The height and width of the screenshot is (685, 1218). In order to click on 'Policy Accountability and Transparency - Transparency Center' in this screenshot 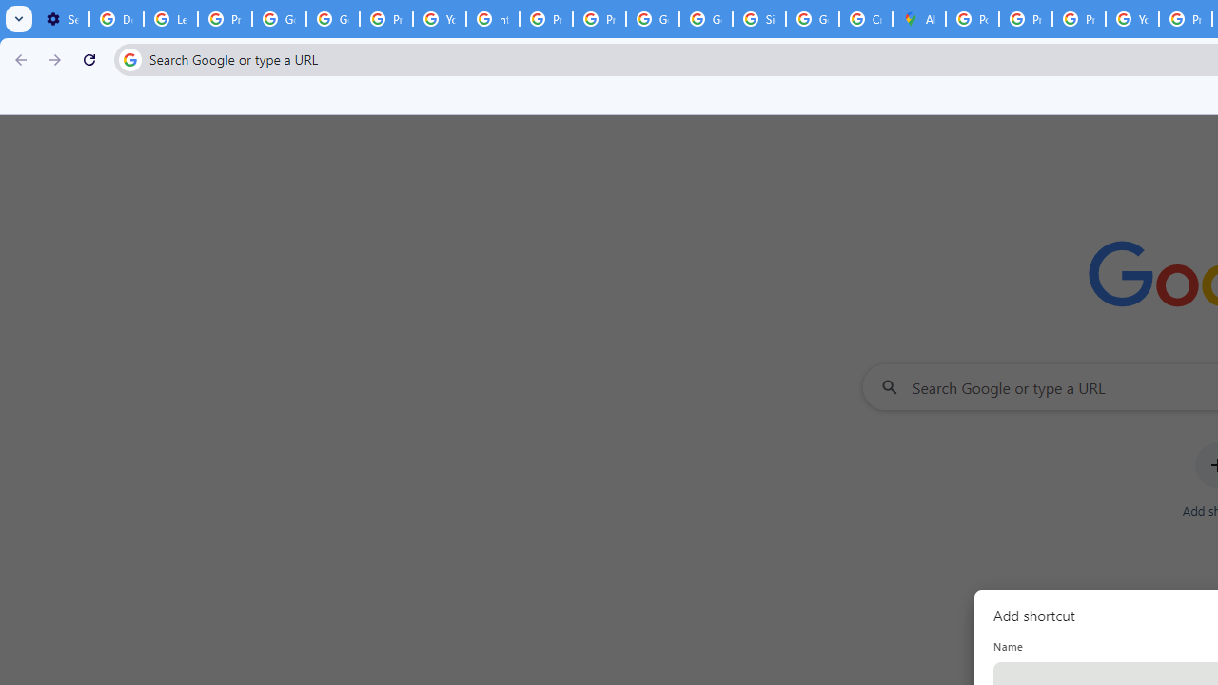, I will do `click(972, 19)`.